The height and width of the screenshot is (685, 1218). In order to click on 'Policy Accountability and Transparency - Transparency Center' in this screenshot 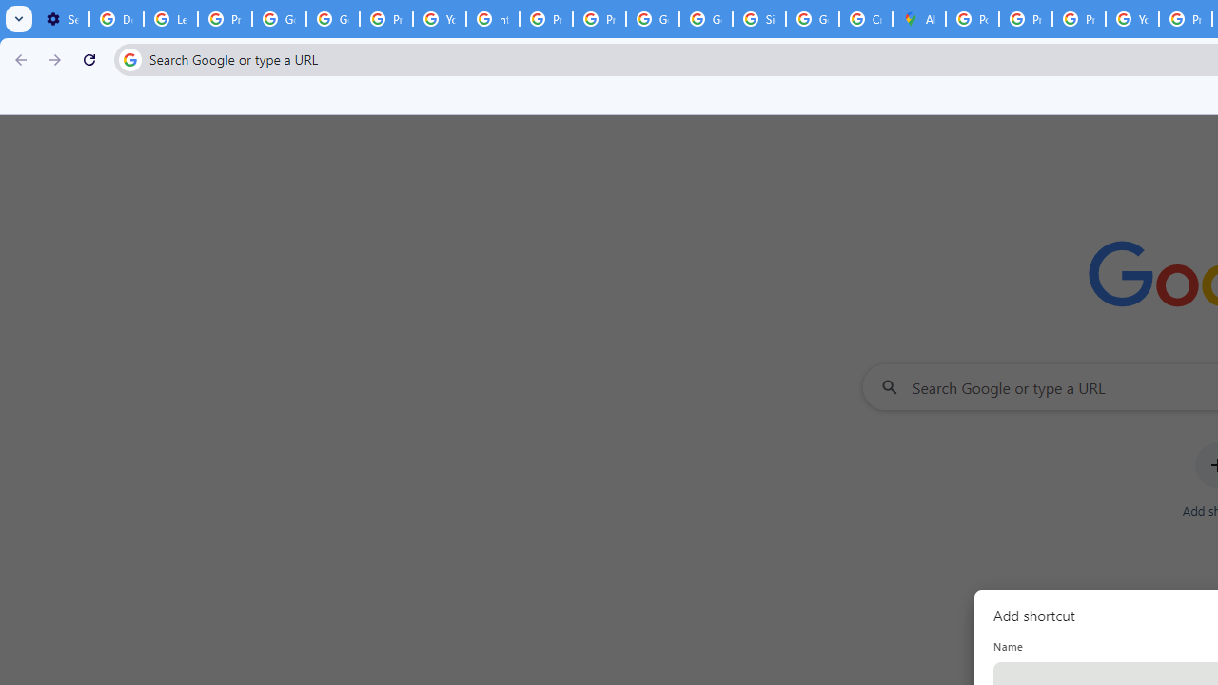, I will do `click(972, 19)`.